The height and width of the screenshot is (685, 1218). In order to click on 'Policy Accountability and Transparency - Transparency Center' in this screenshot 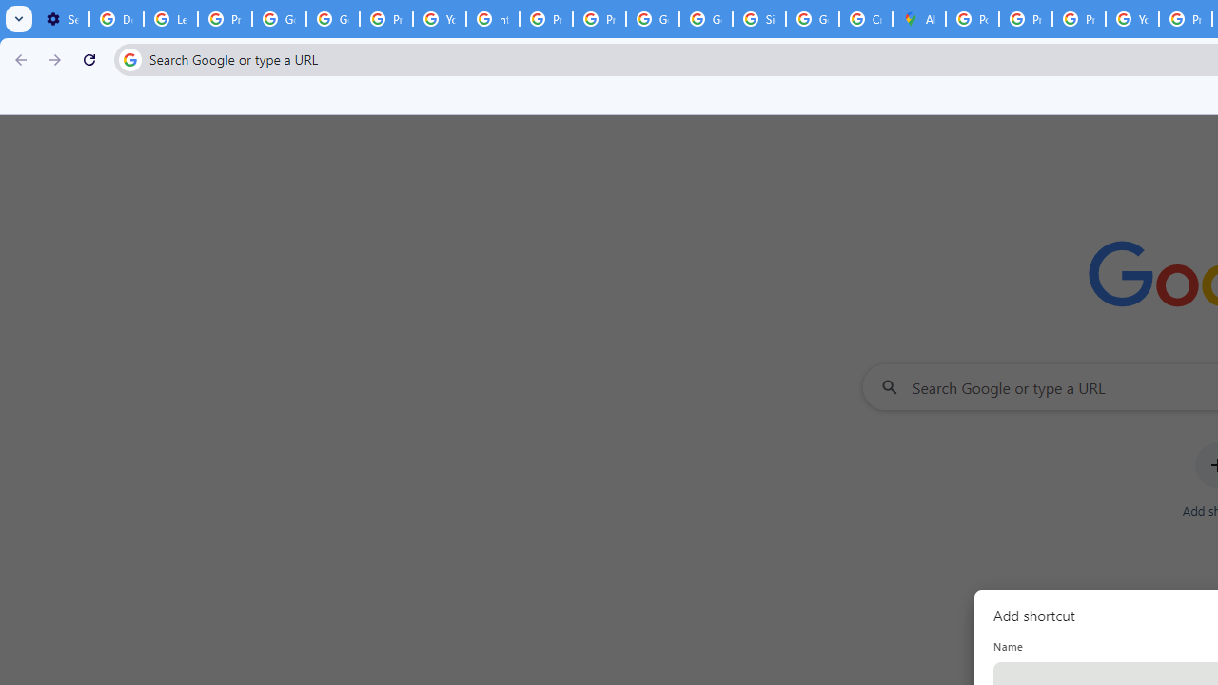, I will do `click(972, 19)`.